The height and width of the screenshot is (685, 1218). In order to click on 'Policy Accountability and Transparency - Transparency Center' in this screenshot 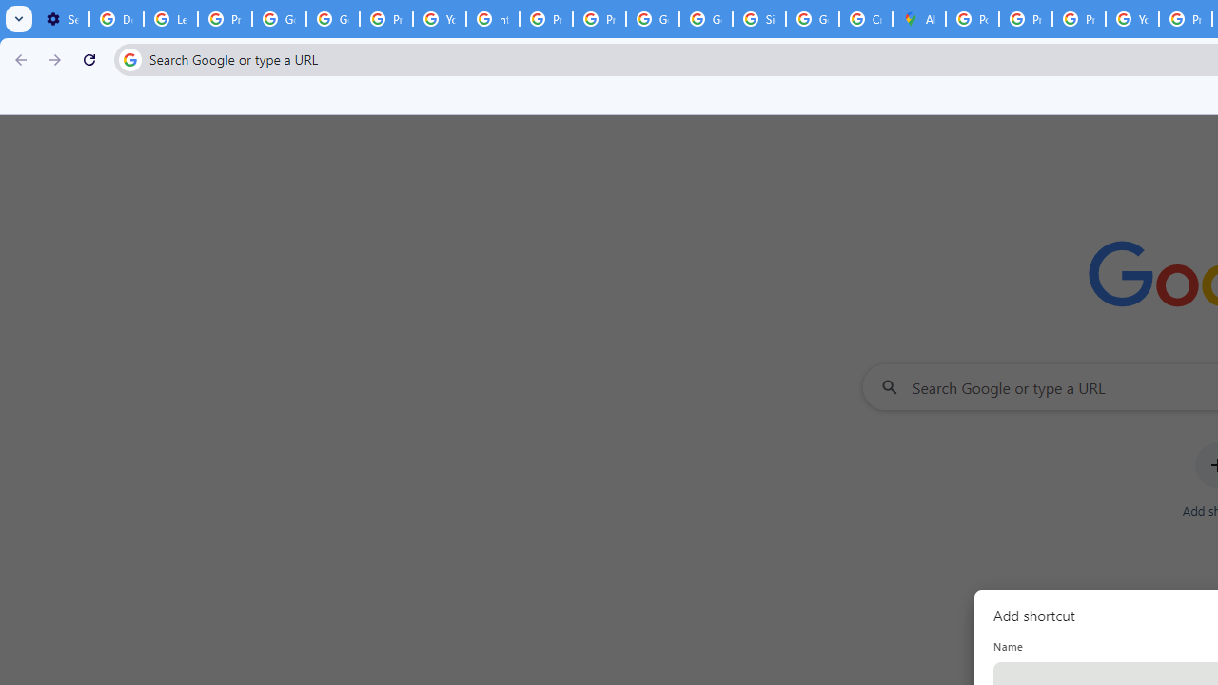, I will do `click(972, 19)`.